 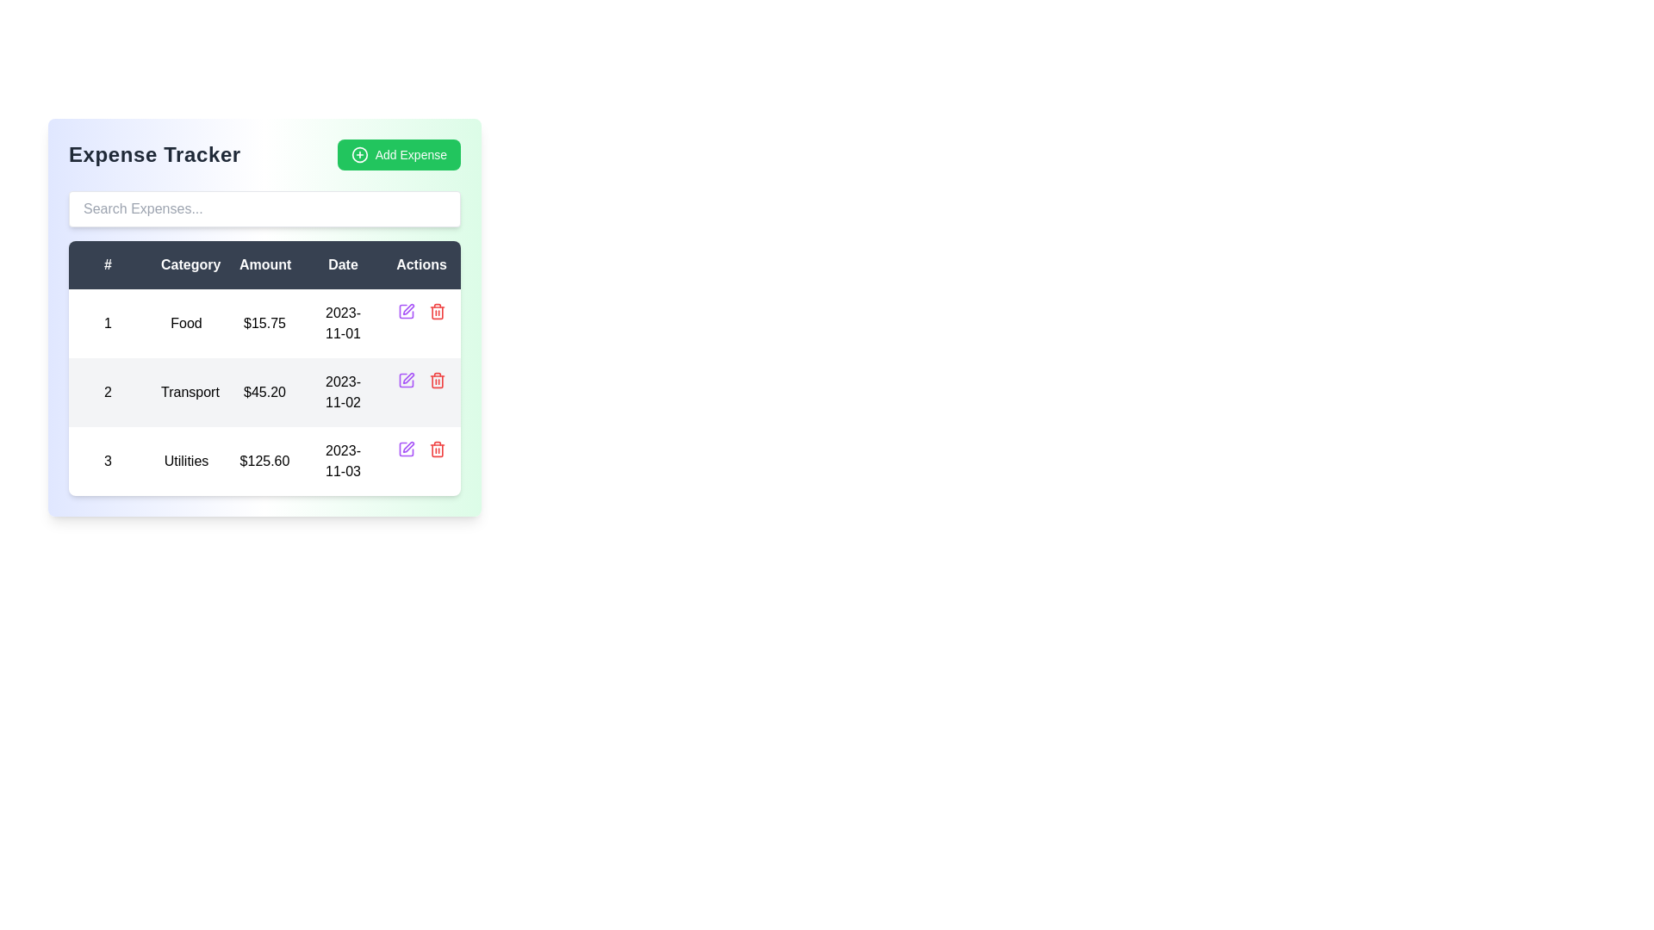 What do you see at coordinates (186, 323) in the screenshot?
I see `the Text label in the second column of the first row in the expense tracking table, which categorizes the expense, such as 'Food'` at bounding box center [186, 323].